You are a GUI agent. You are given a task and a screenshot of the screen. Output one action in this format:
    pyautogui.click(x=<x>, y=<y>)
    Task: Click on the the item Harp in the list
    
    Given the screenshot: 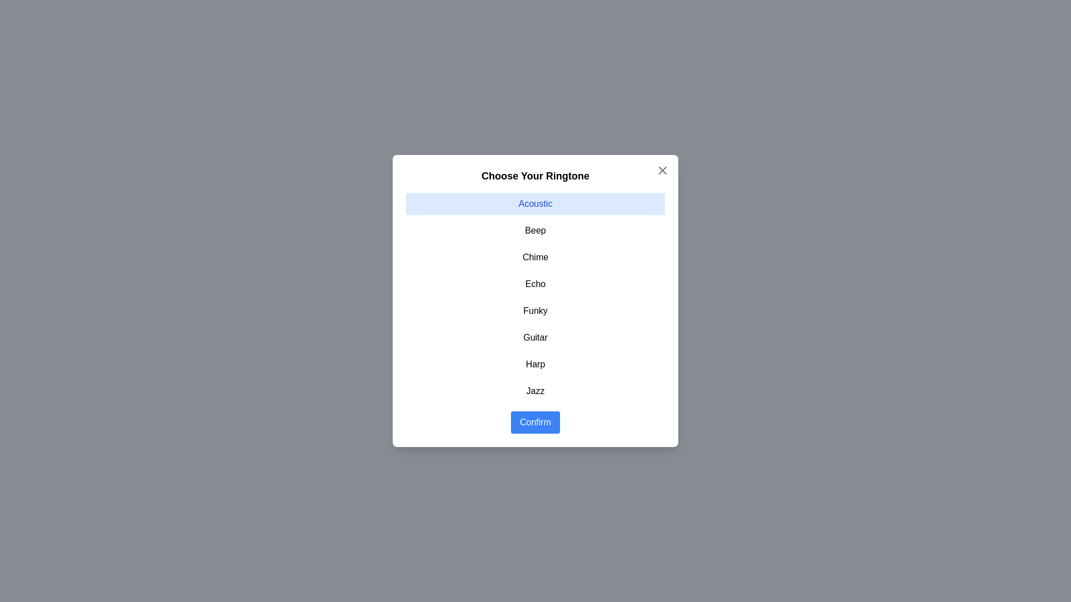 What is the action you would take?
    pyautogui.click(x=535, y=365)
    